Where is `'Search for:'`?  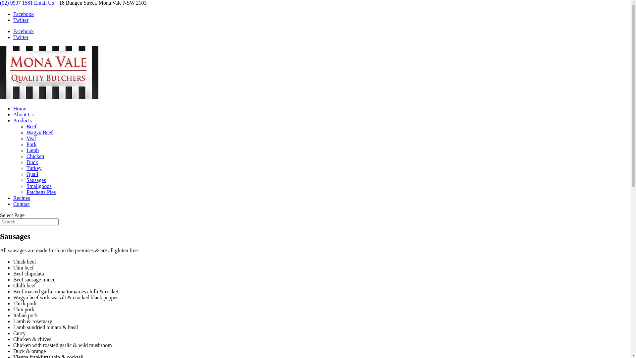
'Search for:' is located at coordinates (29, 222).